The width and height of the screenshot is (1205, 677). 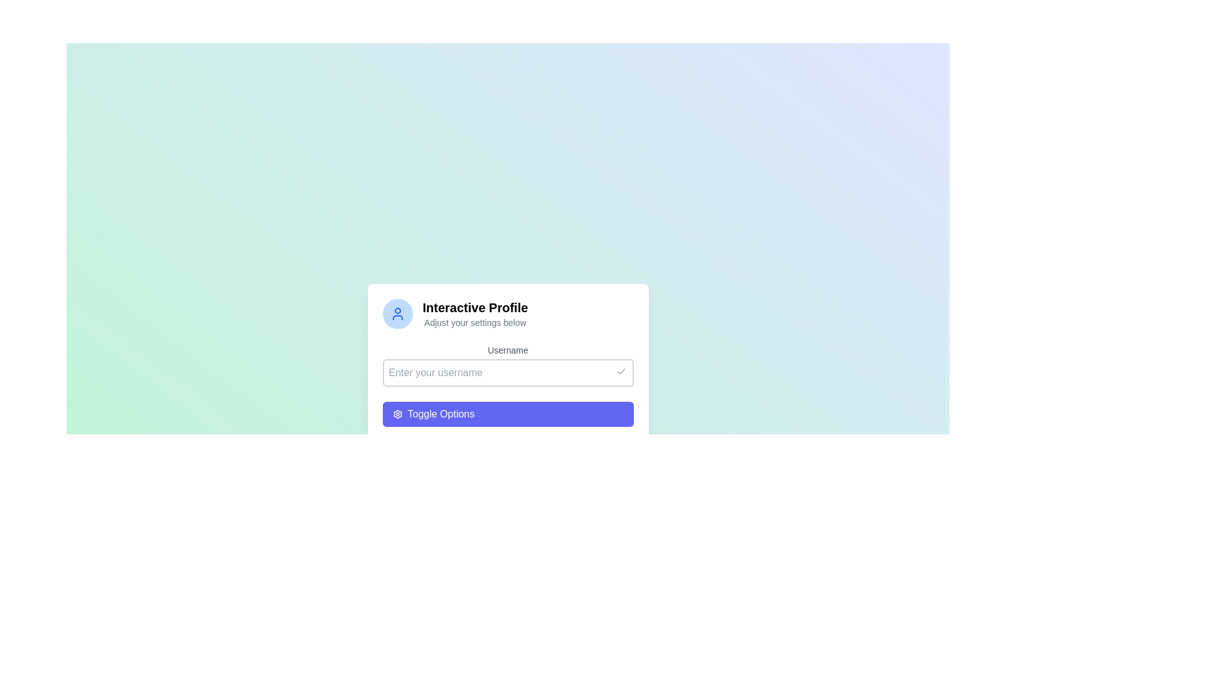 I want to click on the user profile silhouette icon, which is a blue outlined SVG icon with a light blue background, located at the top-left of the content card above the text 'Interactive Profile.', so click(x=397, y=313).